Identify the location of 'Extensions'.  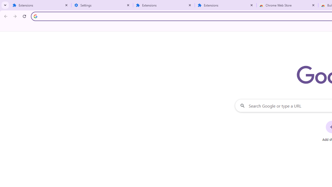
(40, 5).